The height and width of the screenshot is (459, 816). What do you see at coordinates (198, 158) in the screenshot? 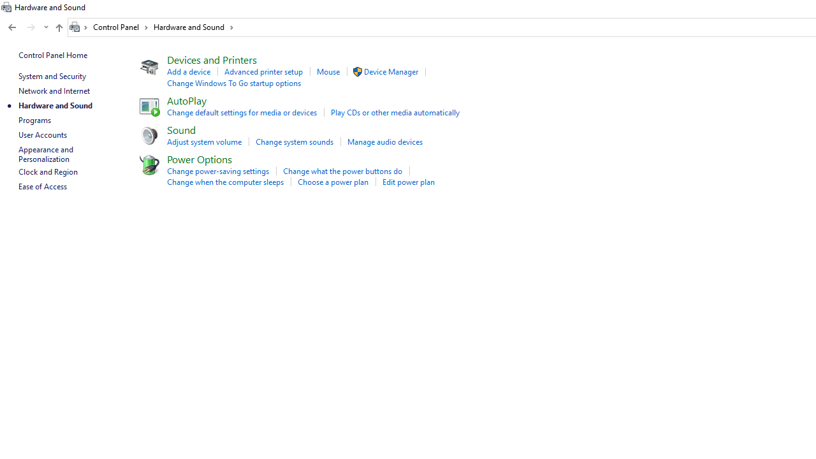
I see `'Power Options'` at bounding box center [198, 158].